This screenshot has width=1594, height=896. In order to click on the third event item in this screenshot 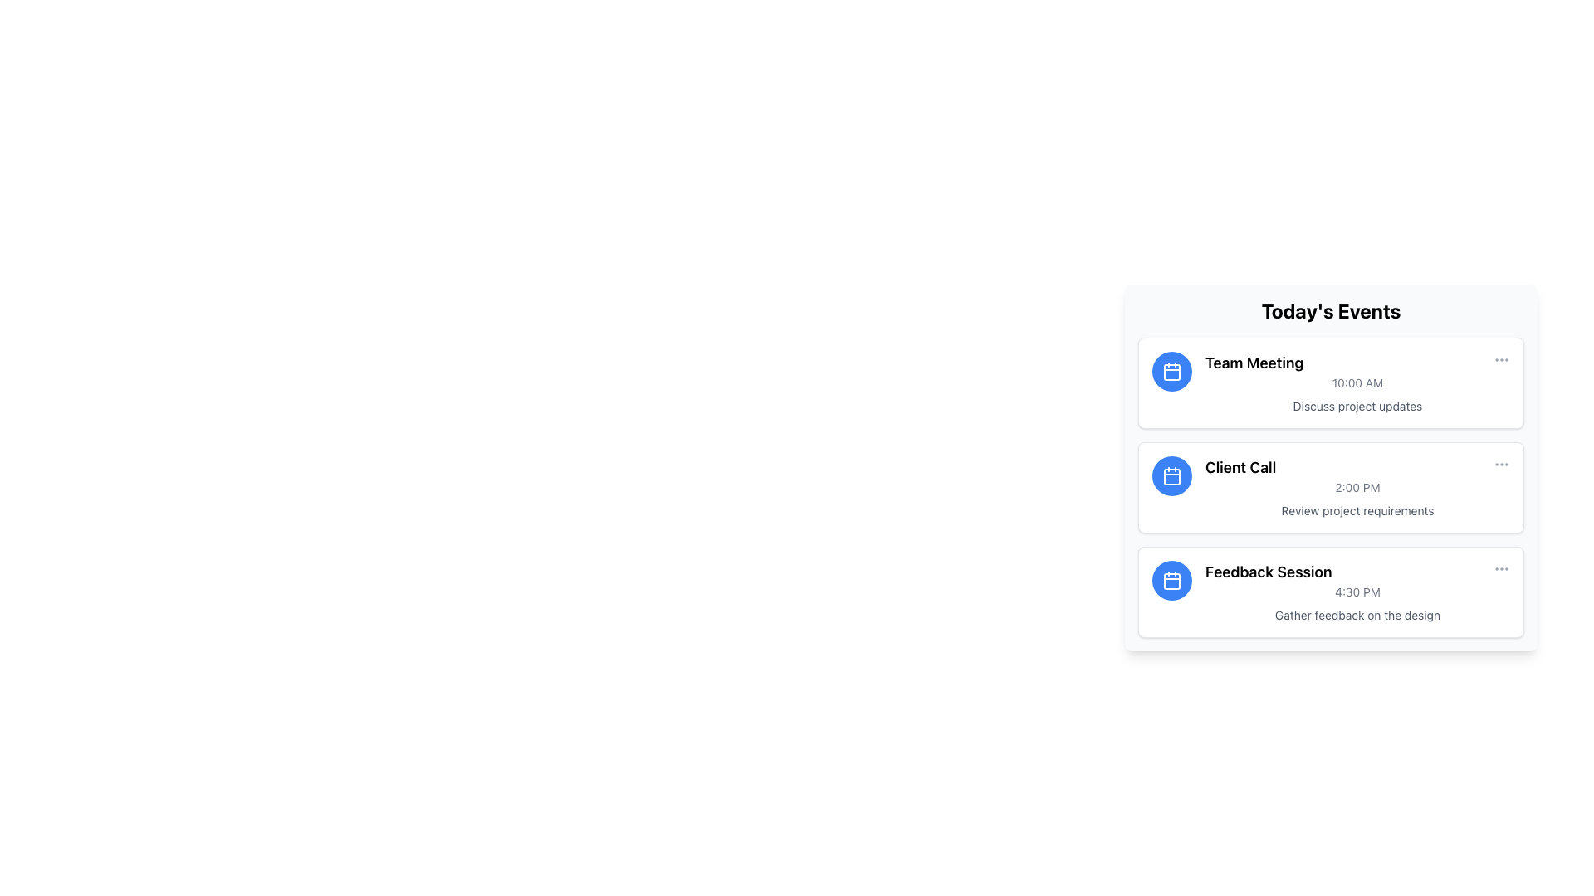, I will do `click(1357, 591)`.